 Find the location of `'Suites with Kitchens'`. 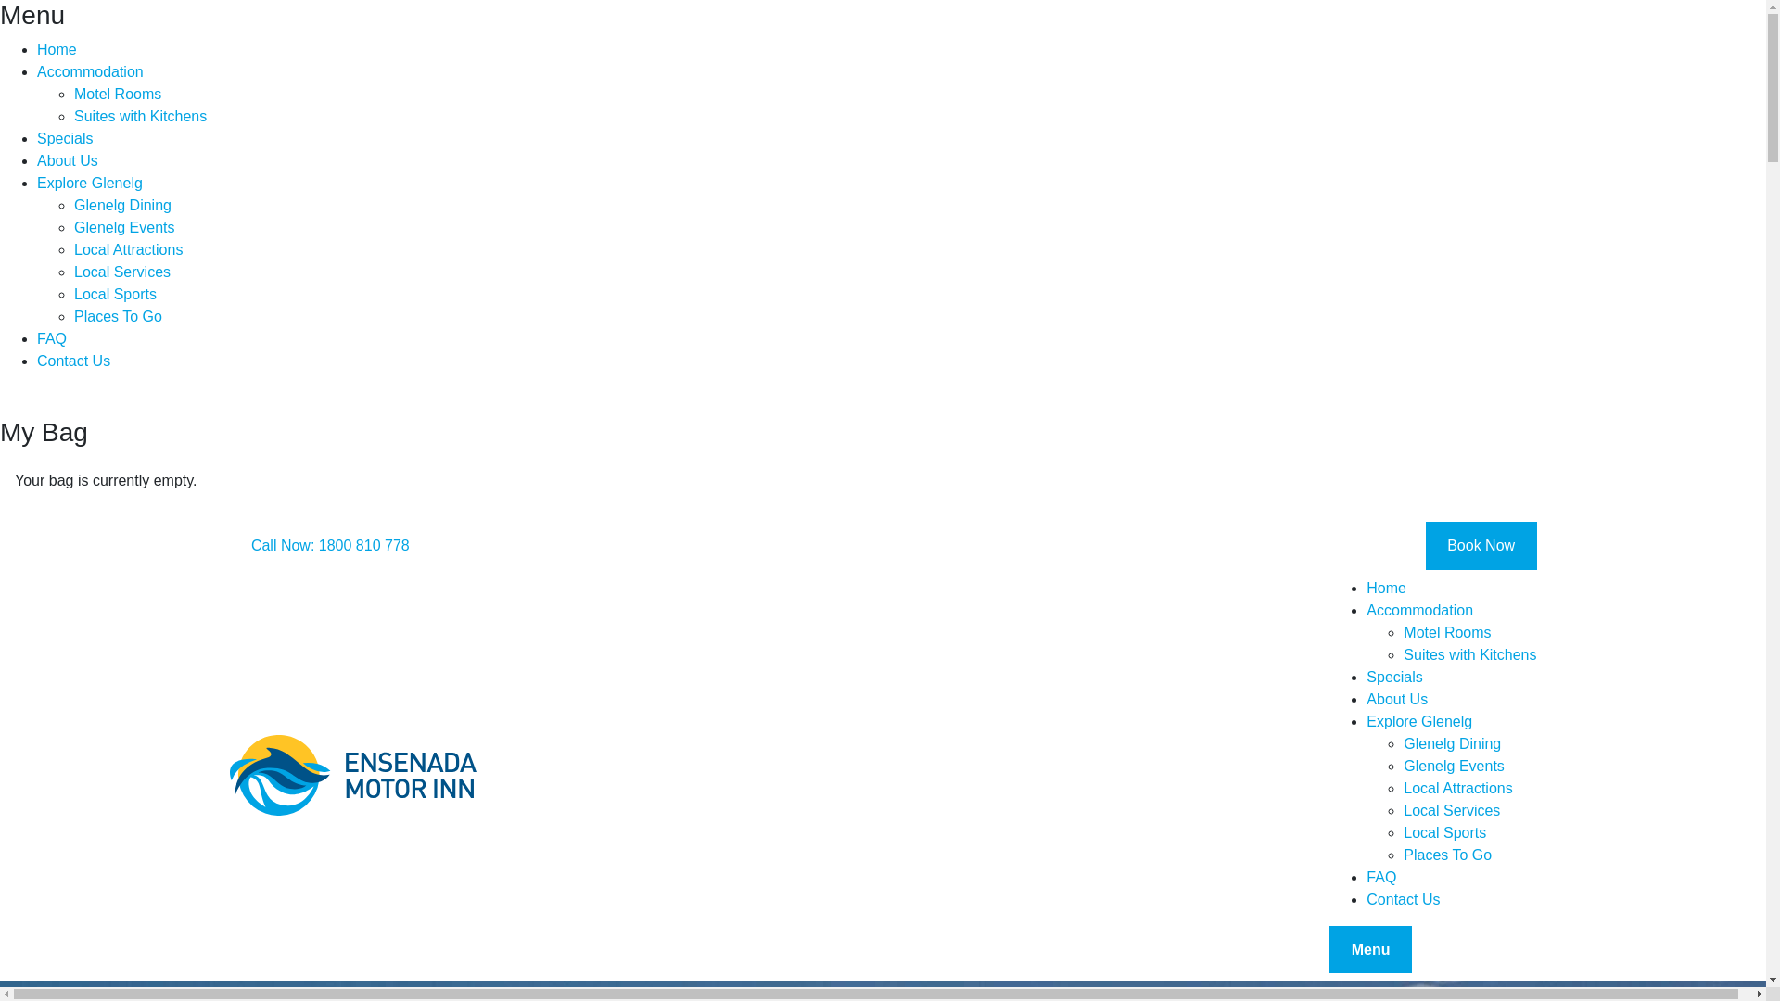

'Suites with Kitchens' is located at coordinates (1403, 653).